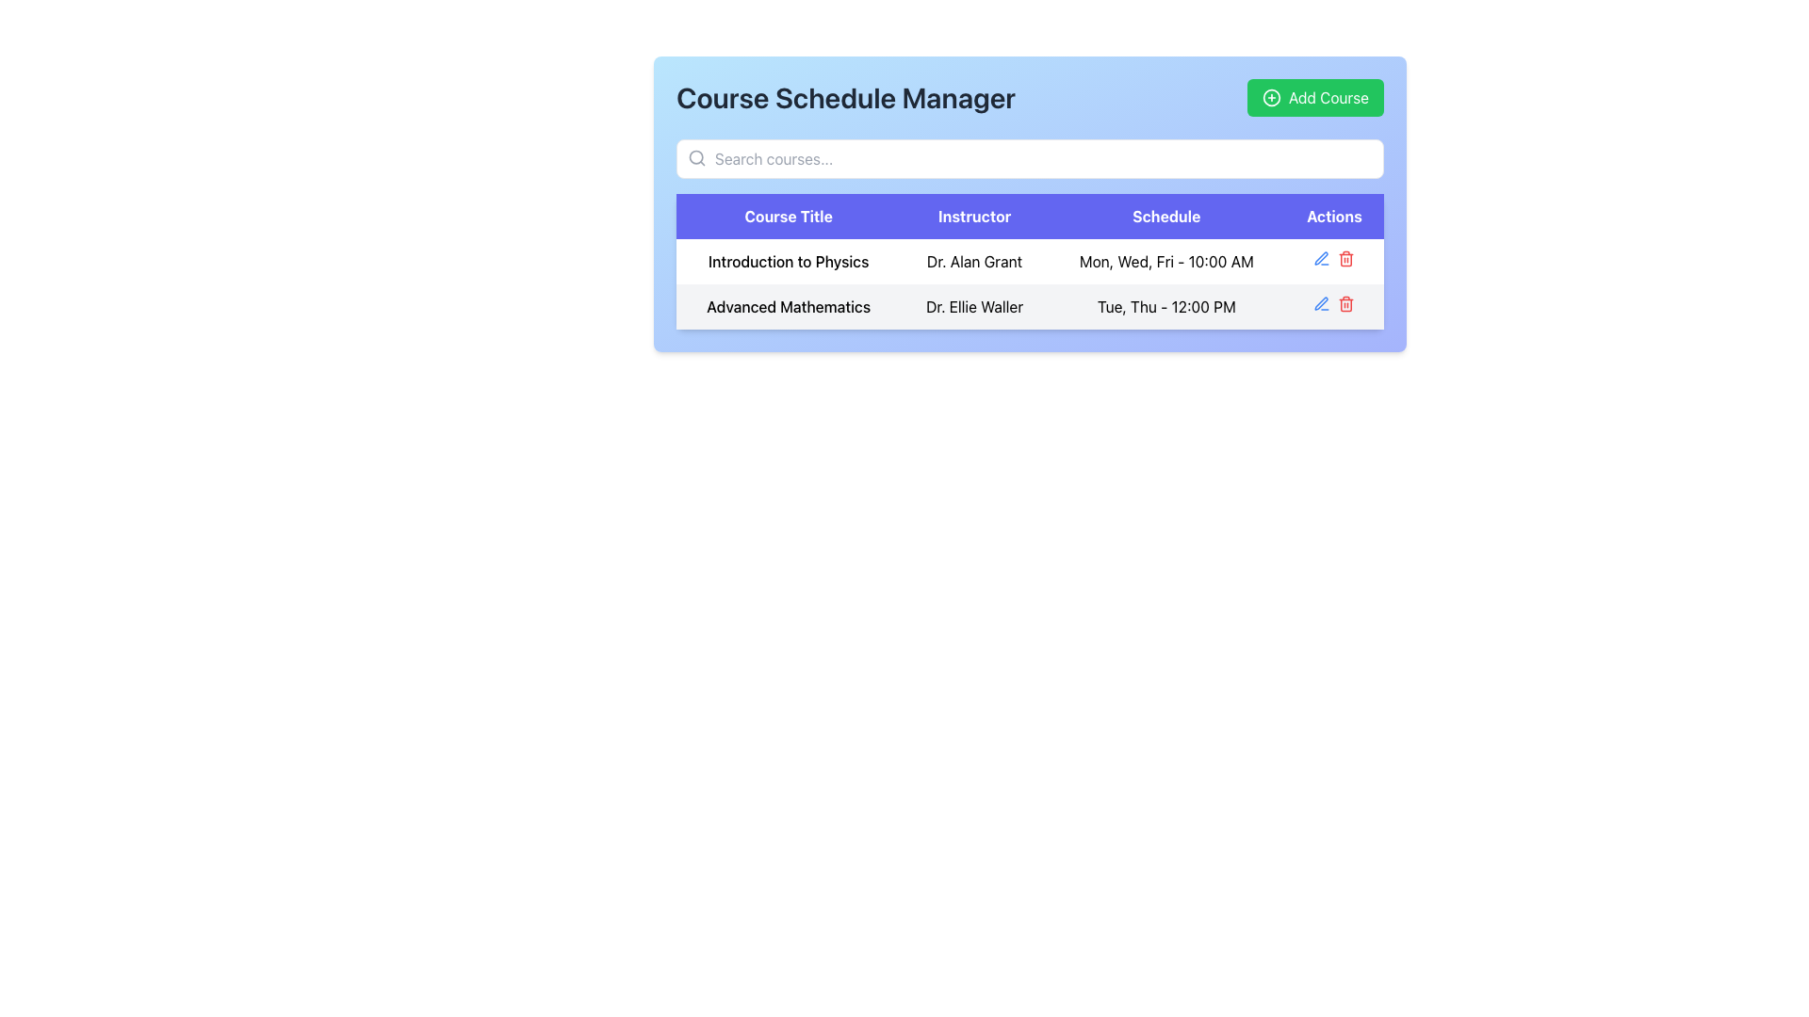 The image size is (1809, 1017). Describe the element at coordinates (1345, 260) in the screenshot. I see `the trash bin icon representing the delete action for the 'Advanced Mathematics' course located in the 'Actions' column of the table` at that location.